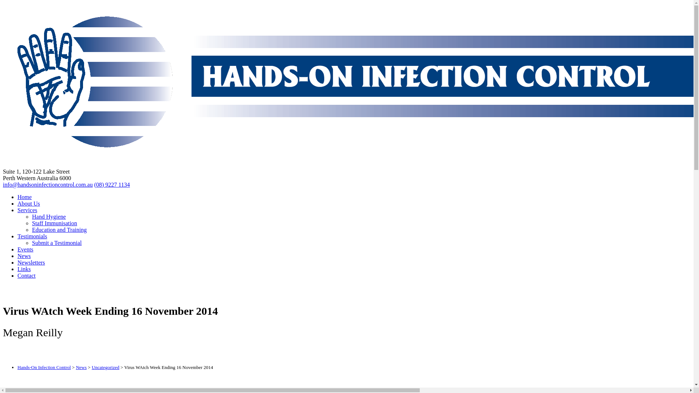 This screenshot has width=699, height=393. What do you see at coordinates (17, 249) in the screenshot?
I see `'Events'` at bounding box center [17, 249].